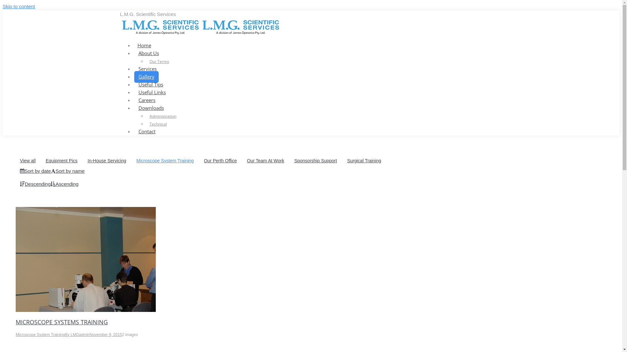 This screenshot has height=352, width=627. What do you see at coordinates (19, 6) in the screenshot?
I see `'Skip to content'` at bounding box center [19, 6].